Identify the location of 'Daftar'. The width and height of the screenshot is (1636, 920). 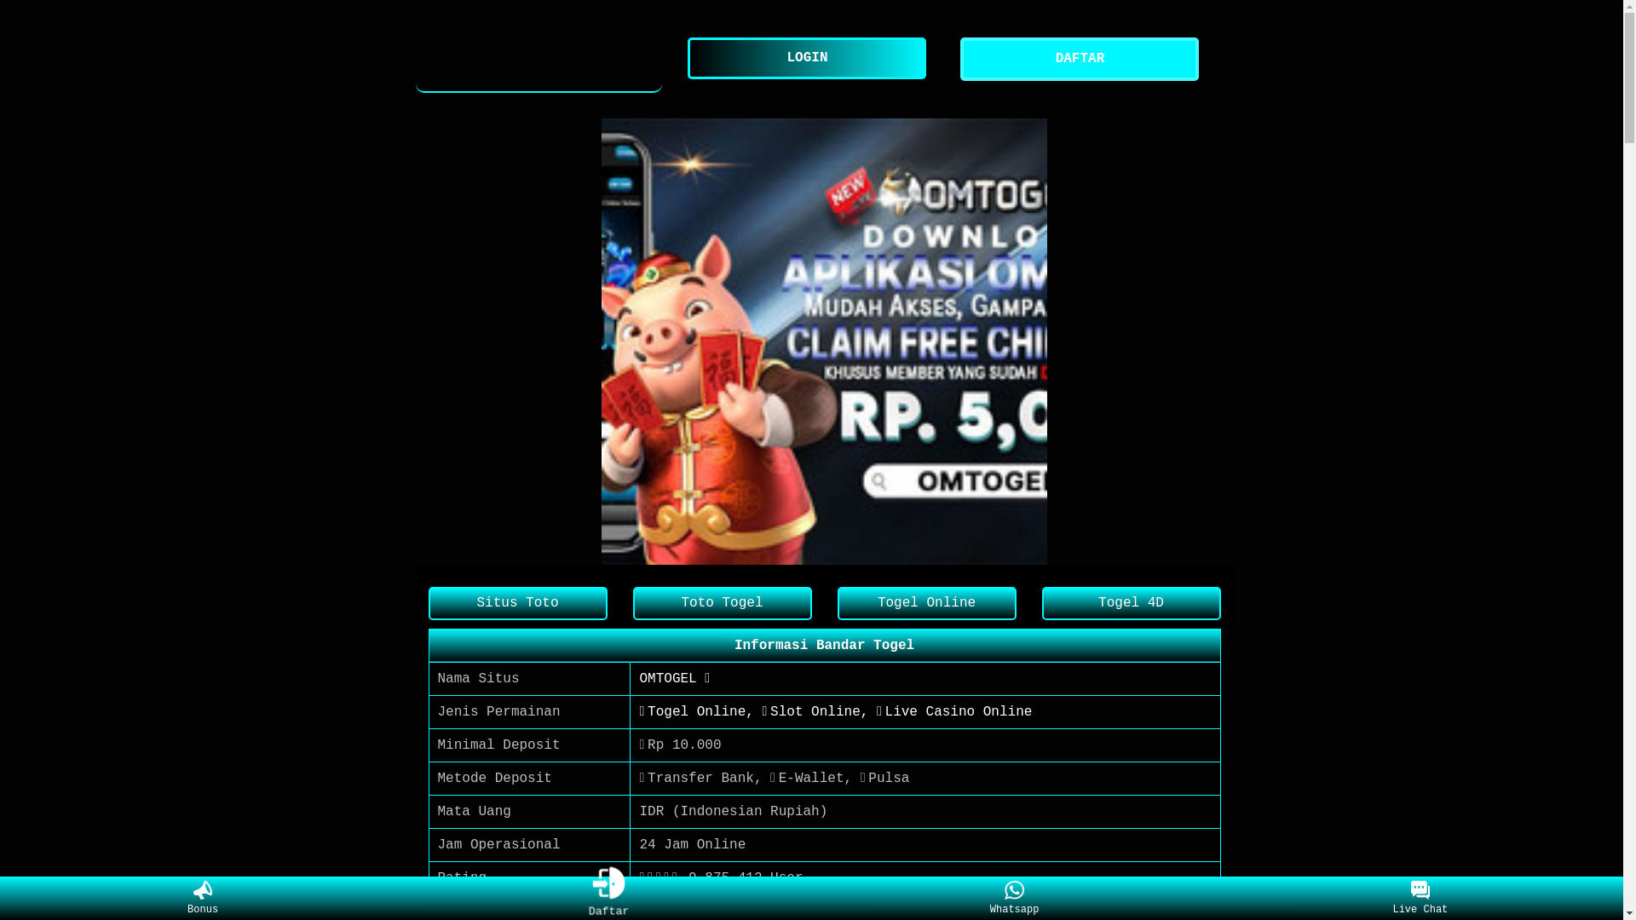
(604, 894).